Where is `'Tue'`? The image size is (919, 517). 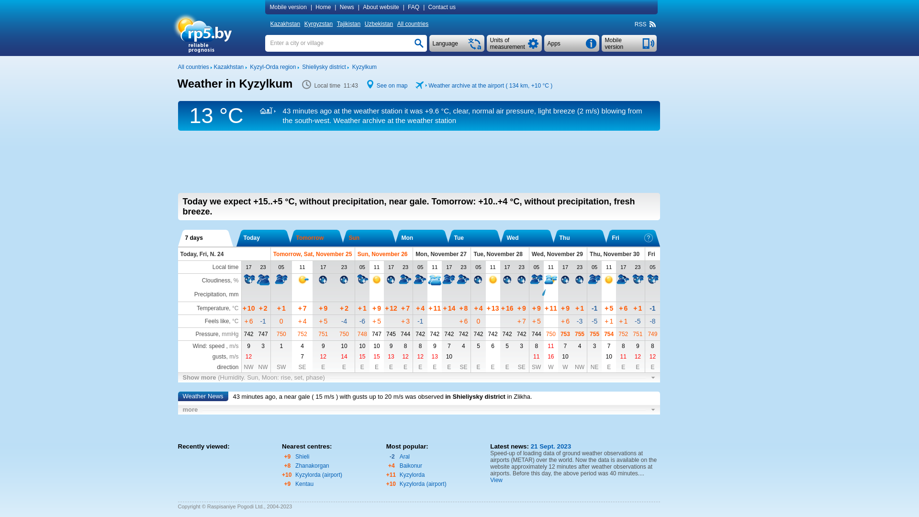 'Tue' is located at coordinates (453, 237).